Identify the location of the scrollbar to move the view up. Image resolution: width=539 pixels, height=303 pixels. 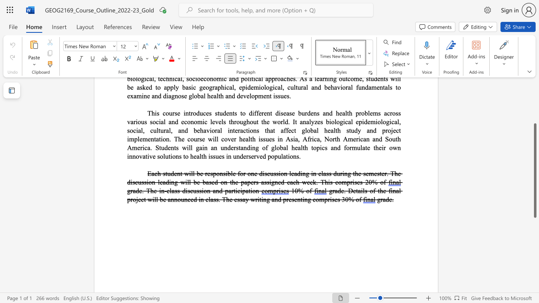
(534, 93).